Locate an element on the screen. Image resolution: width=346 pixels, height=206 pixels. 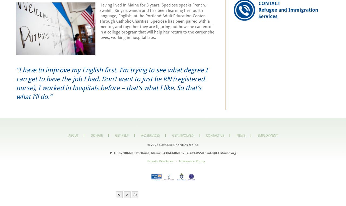
'About' is located at coordinates (73, 135).